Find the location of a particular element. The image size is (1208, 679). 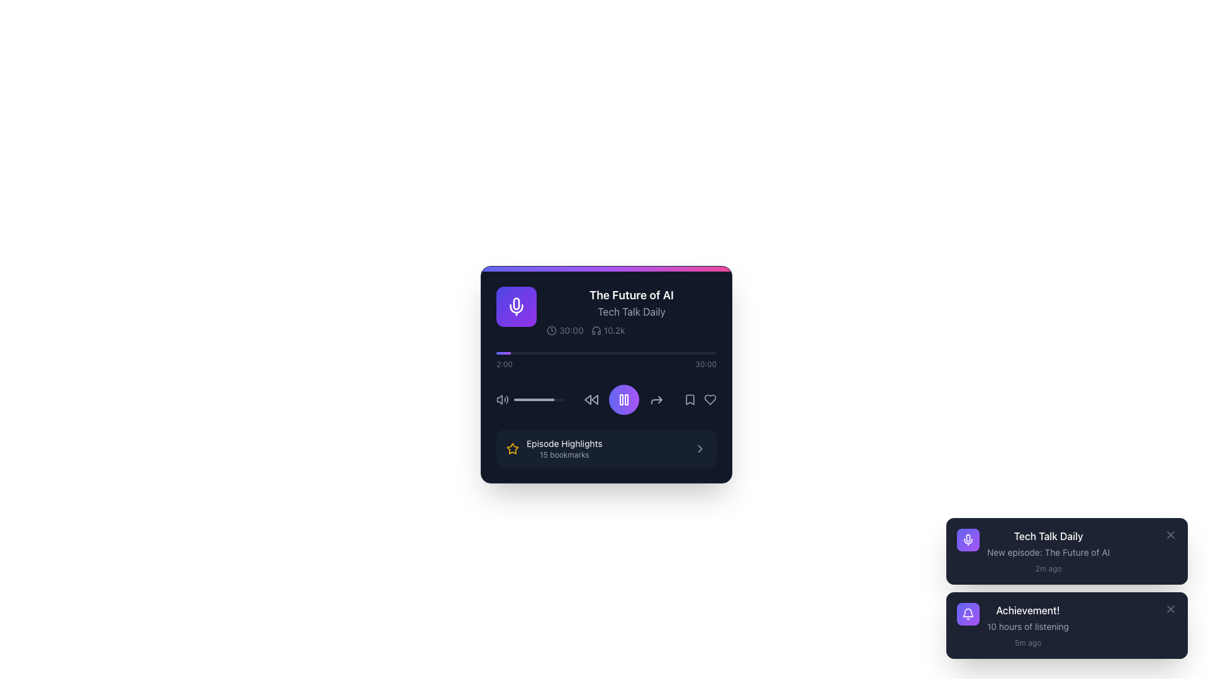

the audio-related icon positioned to the left of the numerical text '10.2k' within the main content card is located at coordinates (595, 329).